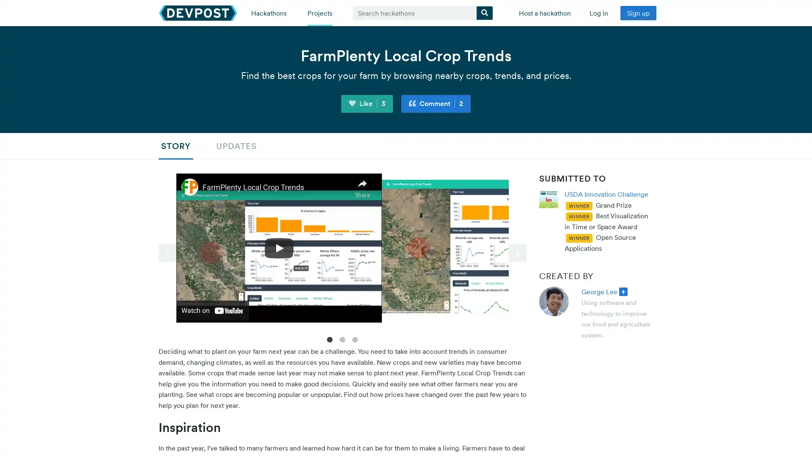 The height and width of the screenshot is (456, 812). Describe the element at coordinates (623, 291) in the screenshot. I see `+` at that location.